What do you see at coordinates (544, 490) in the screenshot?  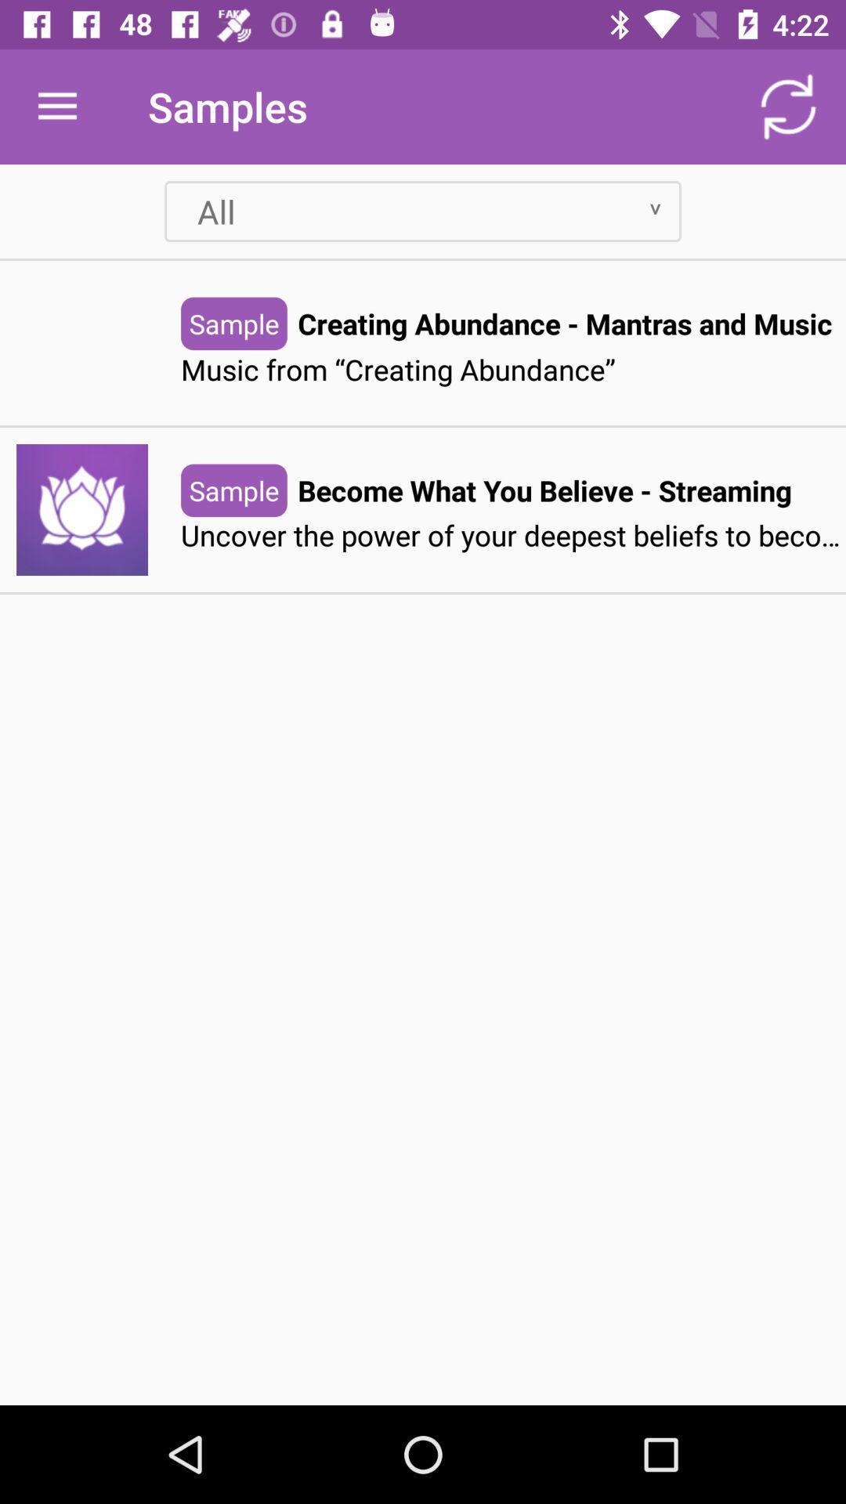 I see `the icon above the uncover the power icon` at bounding box center [544, 490].